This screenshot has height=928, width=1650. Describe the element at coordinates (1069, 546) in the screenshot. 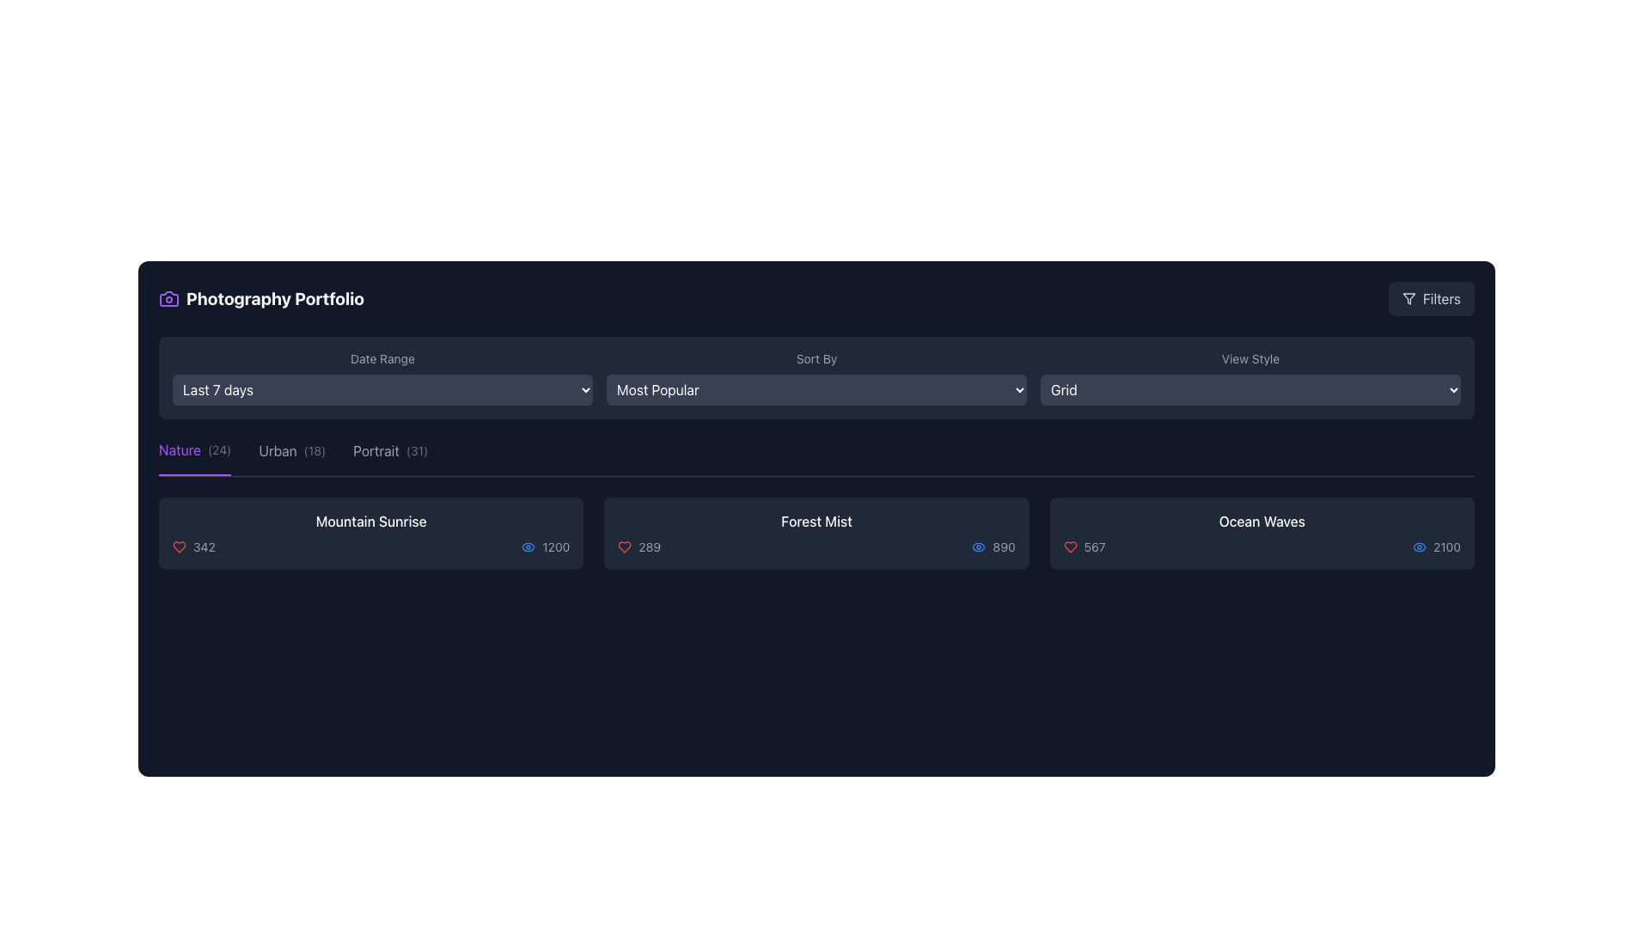

I see `the heart-shaped icon filled with red color, located in the 'Ocean Waves' card` at that location.